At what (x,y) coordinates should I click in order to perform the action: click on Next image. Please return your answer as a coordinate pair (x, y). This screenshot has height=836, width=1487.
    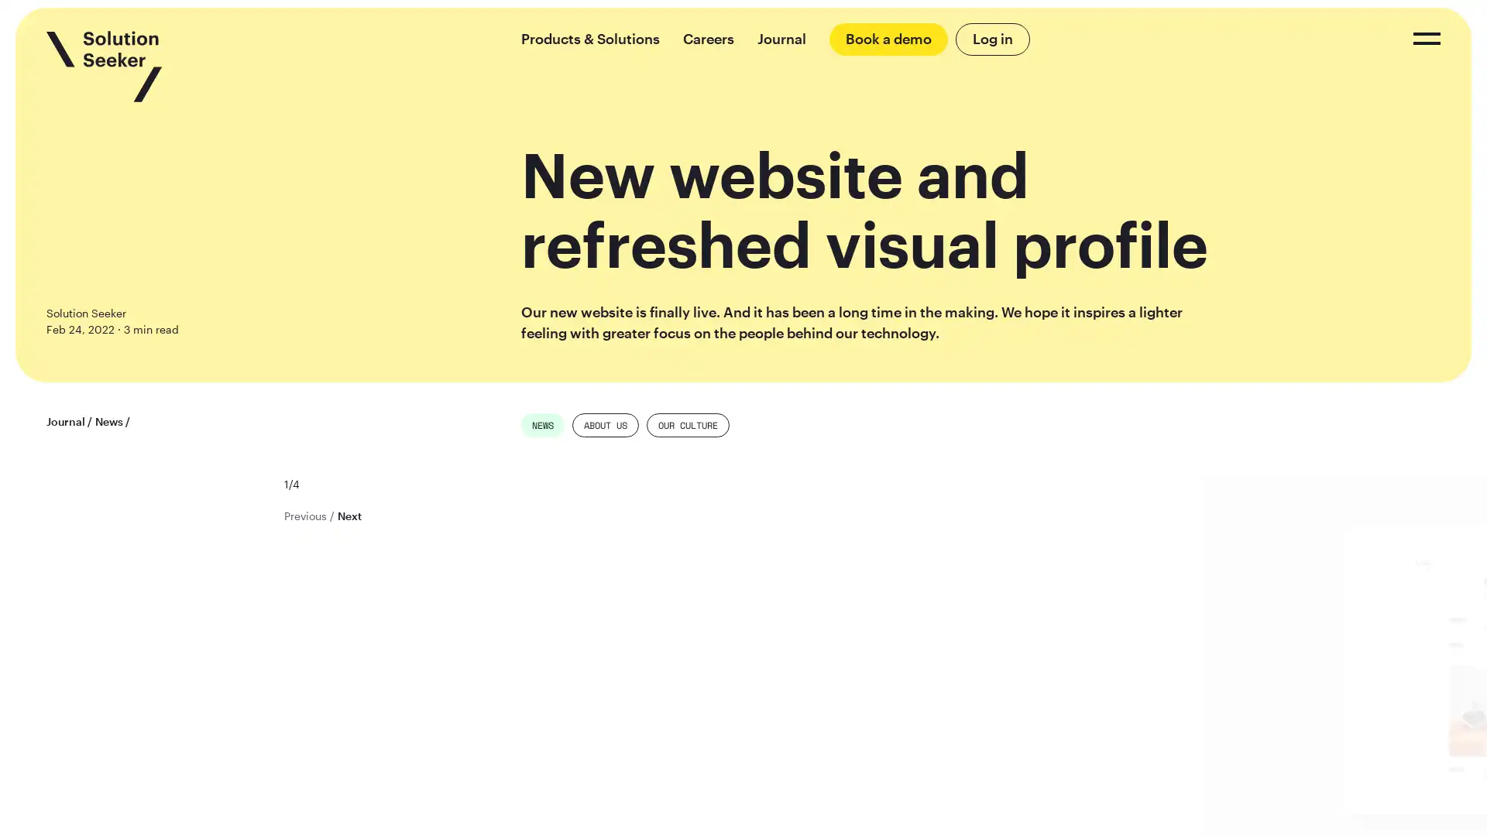
    Looking at the image, I should click on (348, 516).